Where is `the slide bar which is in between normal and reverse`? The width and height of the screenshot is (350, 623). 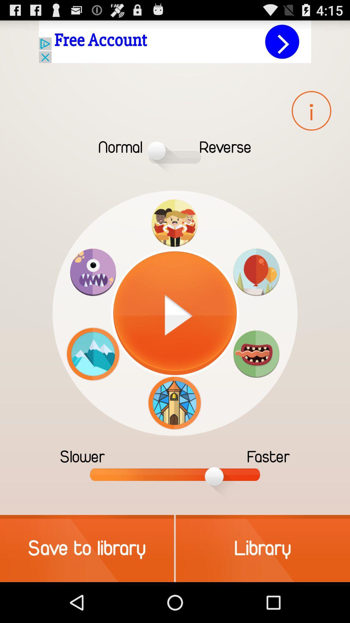 the slide bar which is in between normal and reverse is located at coordinates (175, 150).